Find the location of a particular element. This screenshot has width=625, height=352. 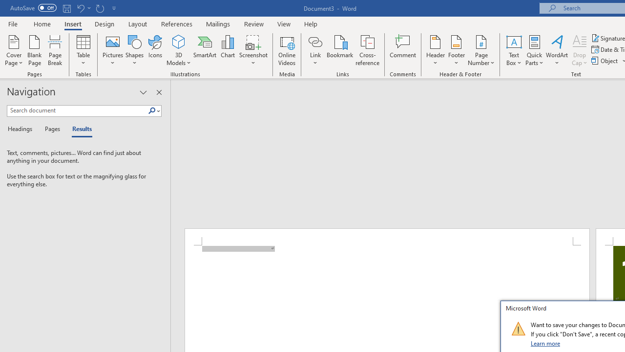

'References' is located at coordinates (177, 23).